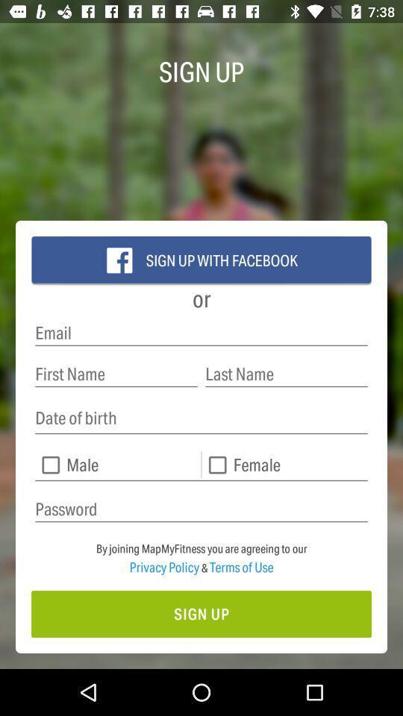 This screenshot has height=716, width=403. I want to click on the field email which is below or, so click(201, 333).